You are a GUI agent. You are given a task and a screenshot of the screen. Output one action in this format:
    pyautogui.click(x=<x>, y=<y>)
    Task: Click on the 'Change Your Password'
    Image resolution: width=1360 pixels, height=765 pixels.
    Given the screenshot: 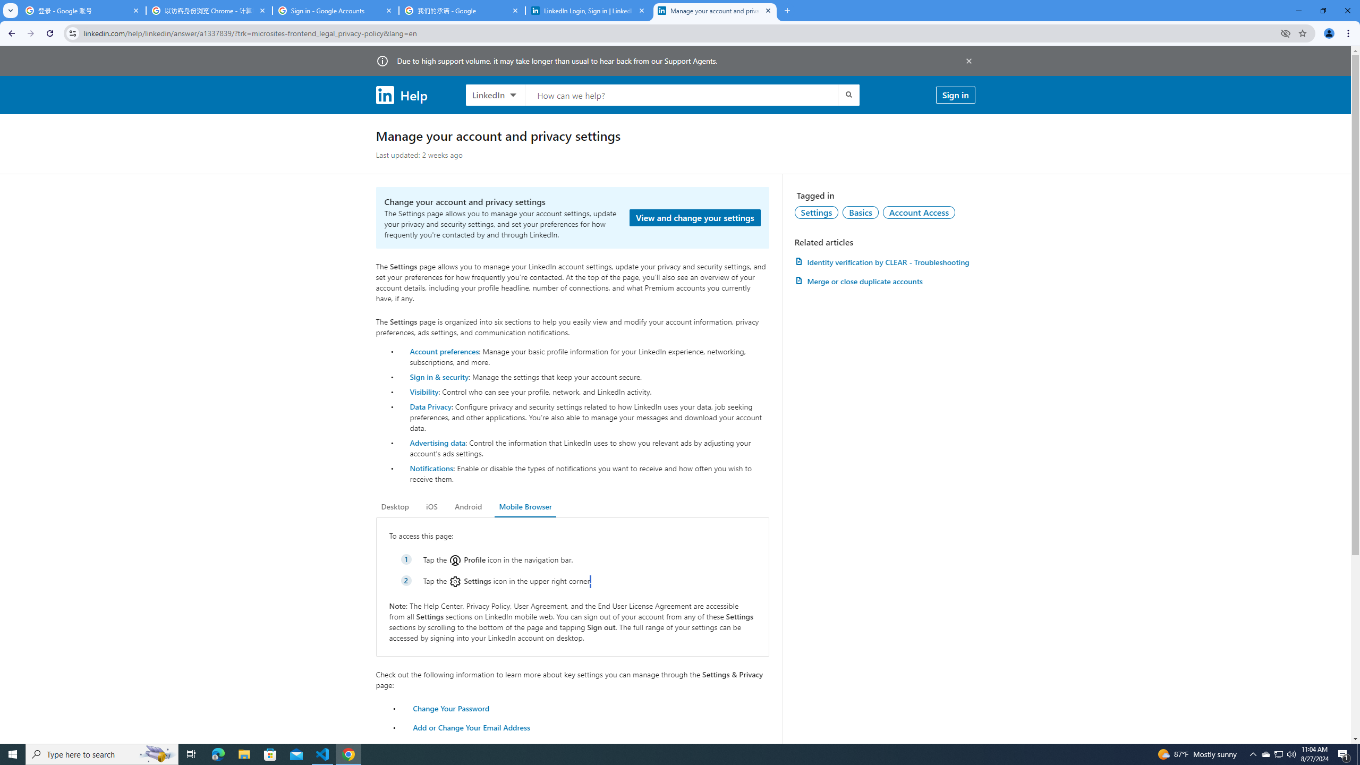 What is the action you would take?
    pyautogui.click(x=450, y=708)
    